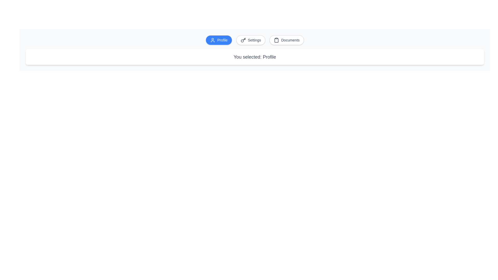 This screenshot has width=498, height=280. What do you see at coordinates (276, 40) in the screenshot?
I see `the clipboard-shaped icon with a rectangular outline that has a cutout near its top edge, located in the middle of the icon layout` at bounding box center [276, 40].